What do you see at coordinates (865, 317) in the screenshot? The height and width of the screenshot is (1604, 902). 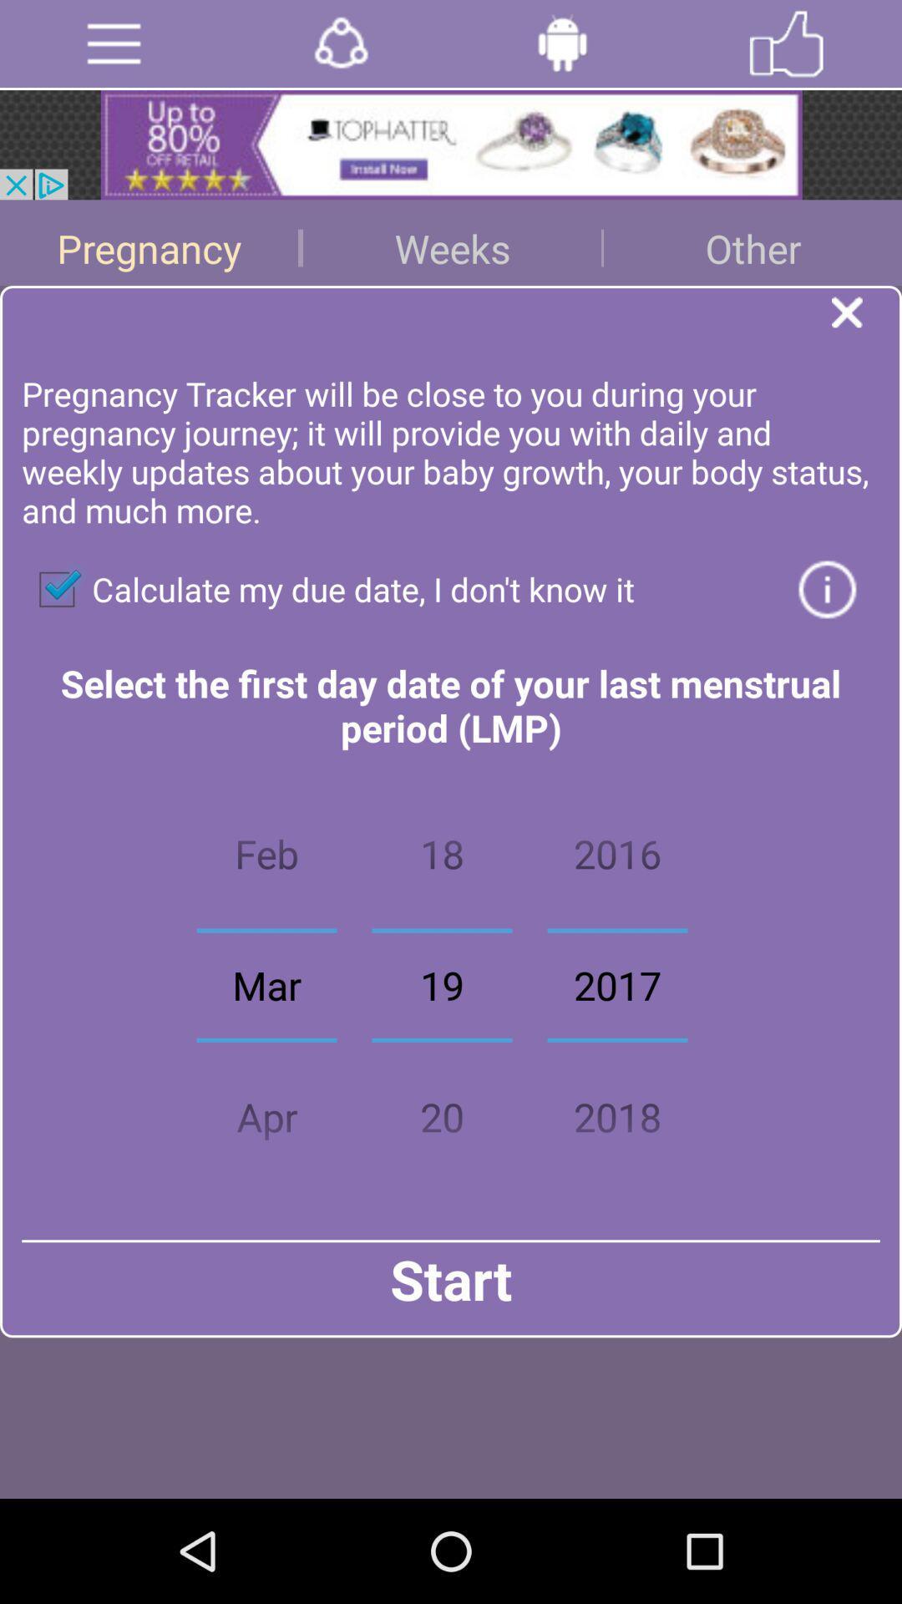 I see `dialogue box` at bounding box center [865, 317].